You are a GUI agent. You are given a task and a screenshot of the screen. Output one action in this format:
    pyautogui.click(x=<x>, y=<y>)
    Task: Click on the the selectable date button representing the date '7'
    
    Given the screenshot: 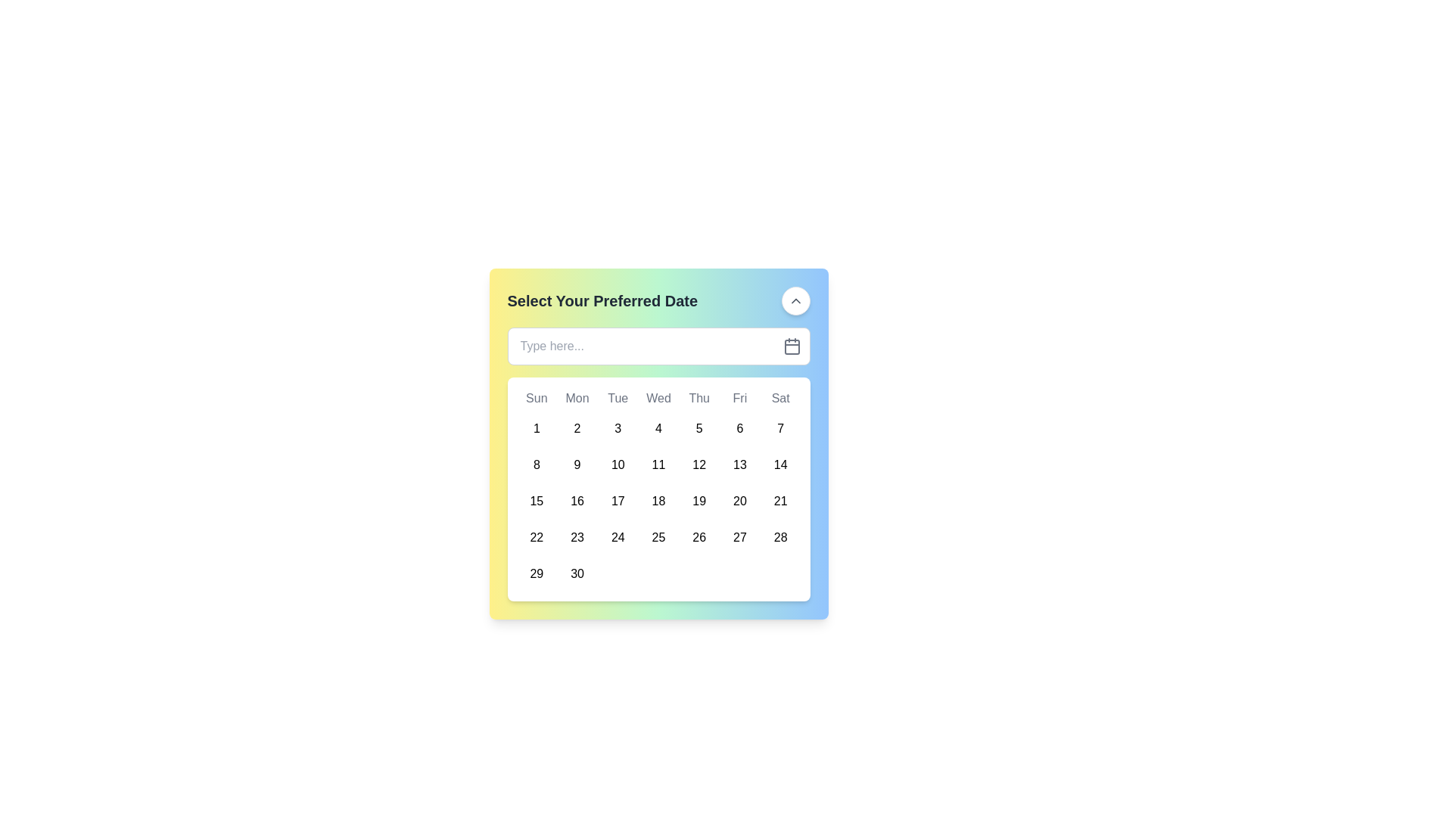 What is the action you would take?
    pyautogui.click(x=780, y=429)
    